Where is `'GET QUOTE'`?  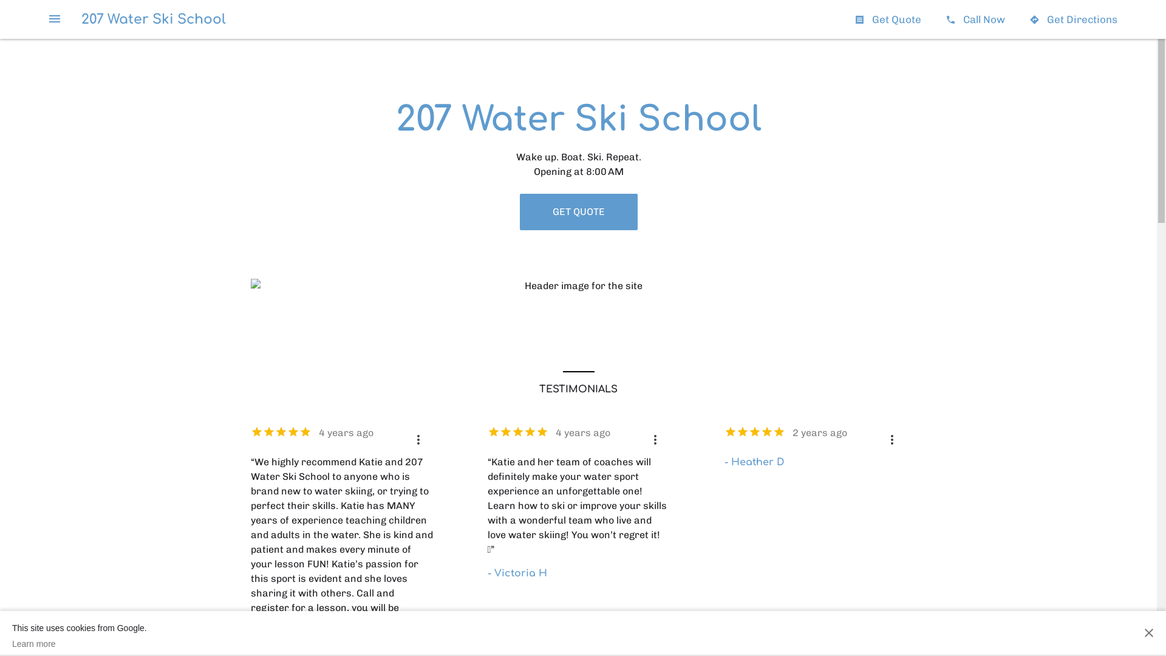 'GET QUOTE' is located at coordinates (578, 211).